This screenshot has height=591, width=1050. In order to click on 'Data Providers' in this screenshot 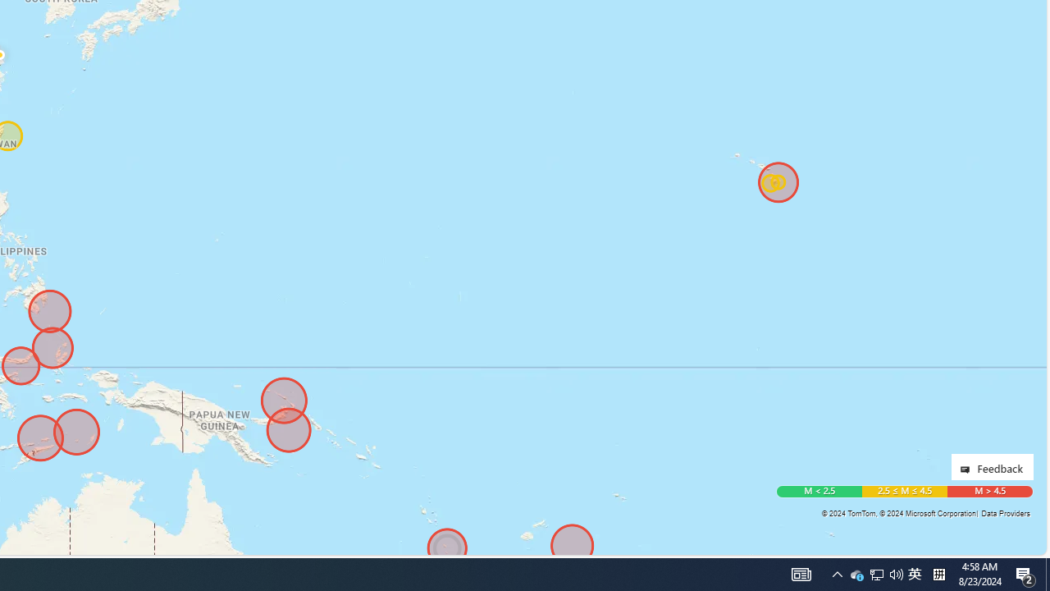, I will do `click(1004, 512)`.